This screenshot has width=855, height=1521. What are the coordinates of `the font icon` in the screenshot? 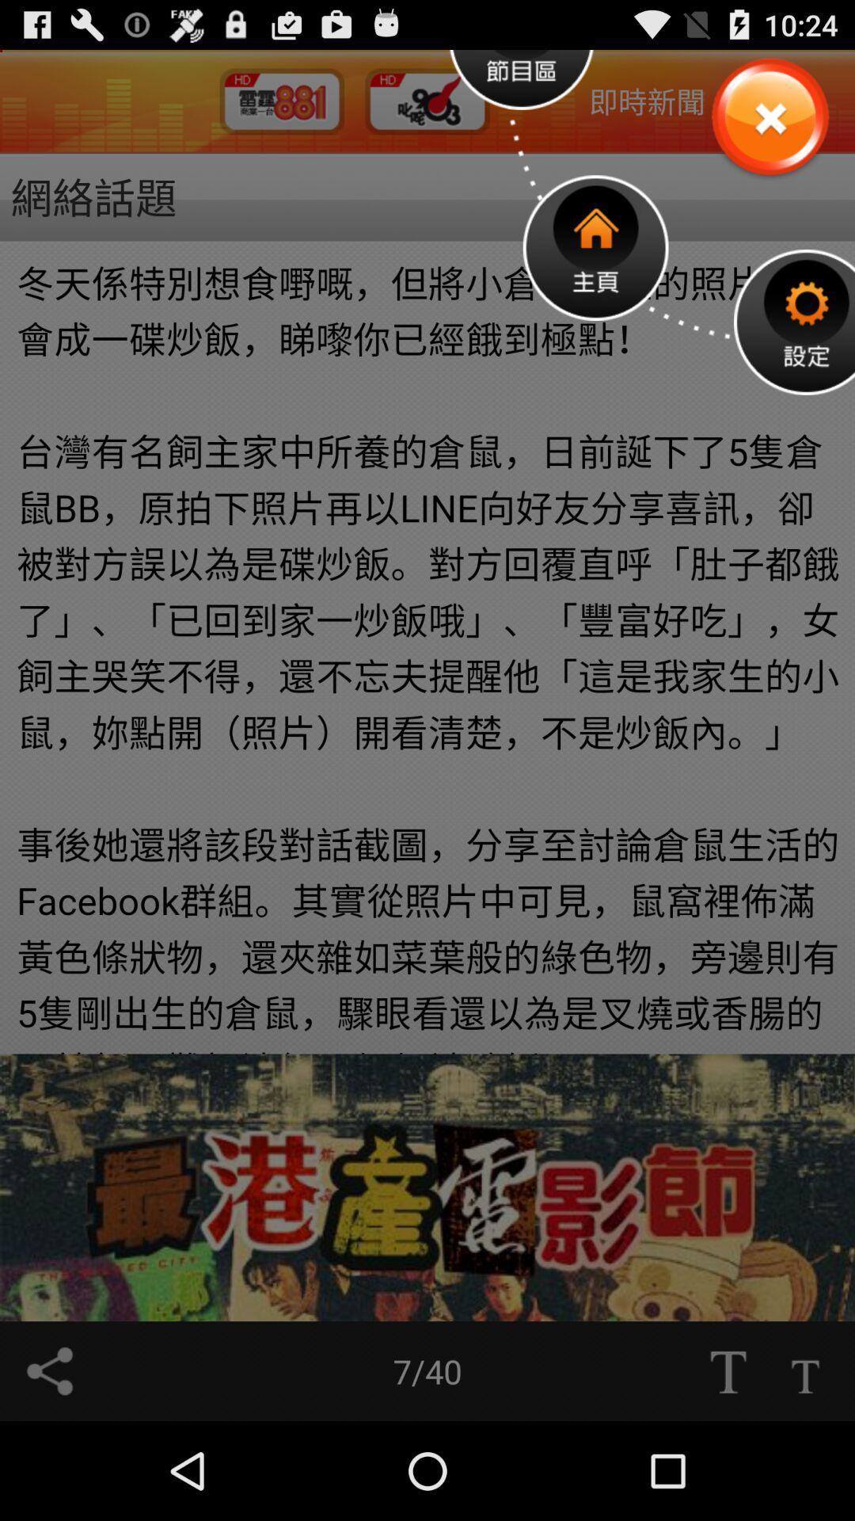 It's located at (728, 1466).